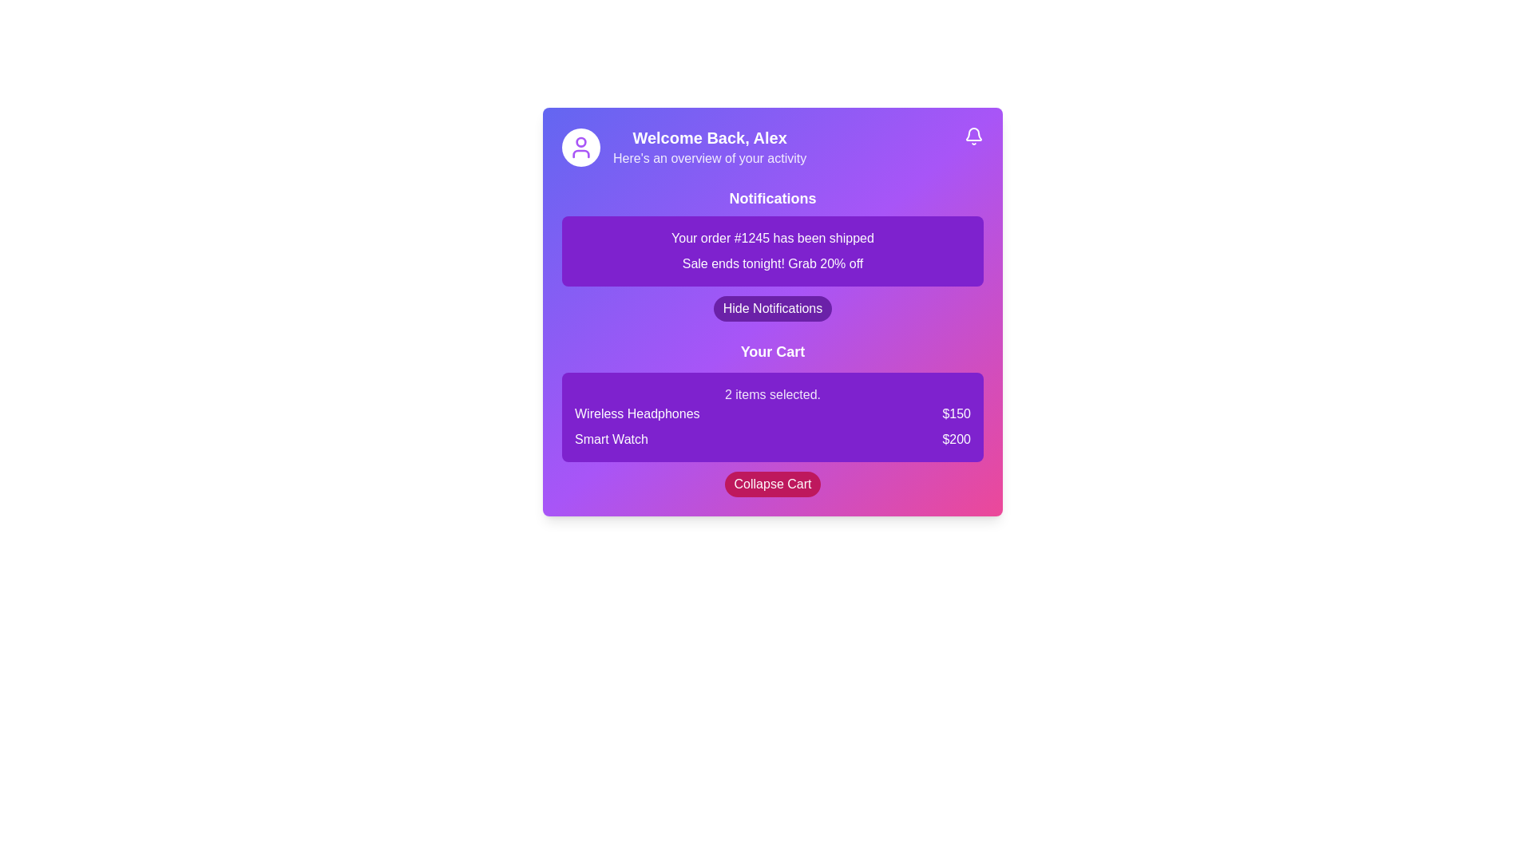  Describe the element at coordinates (773, 239) in the screenshot. I see `the text label that informs the user about the order shipping update for order #1245, located in the notifications card just below the 'Notifications' header` at that location.